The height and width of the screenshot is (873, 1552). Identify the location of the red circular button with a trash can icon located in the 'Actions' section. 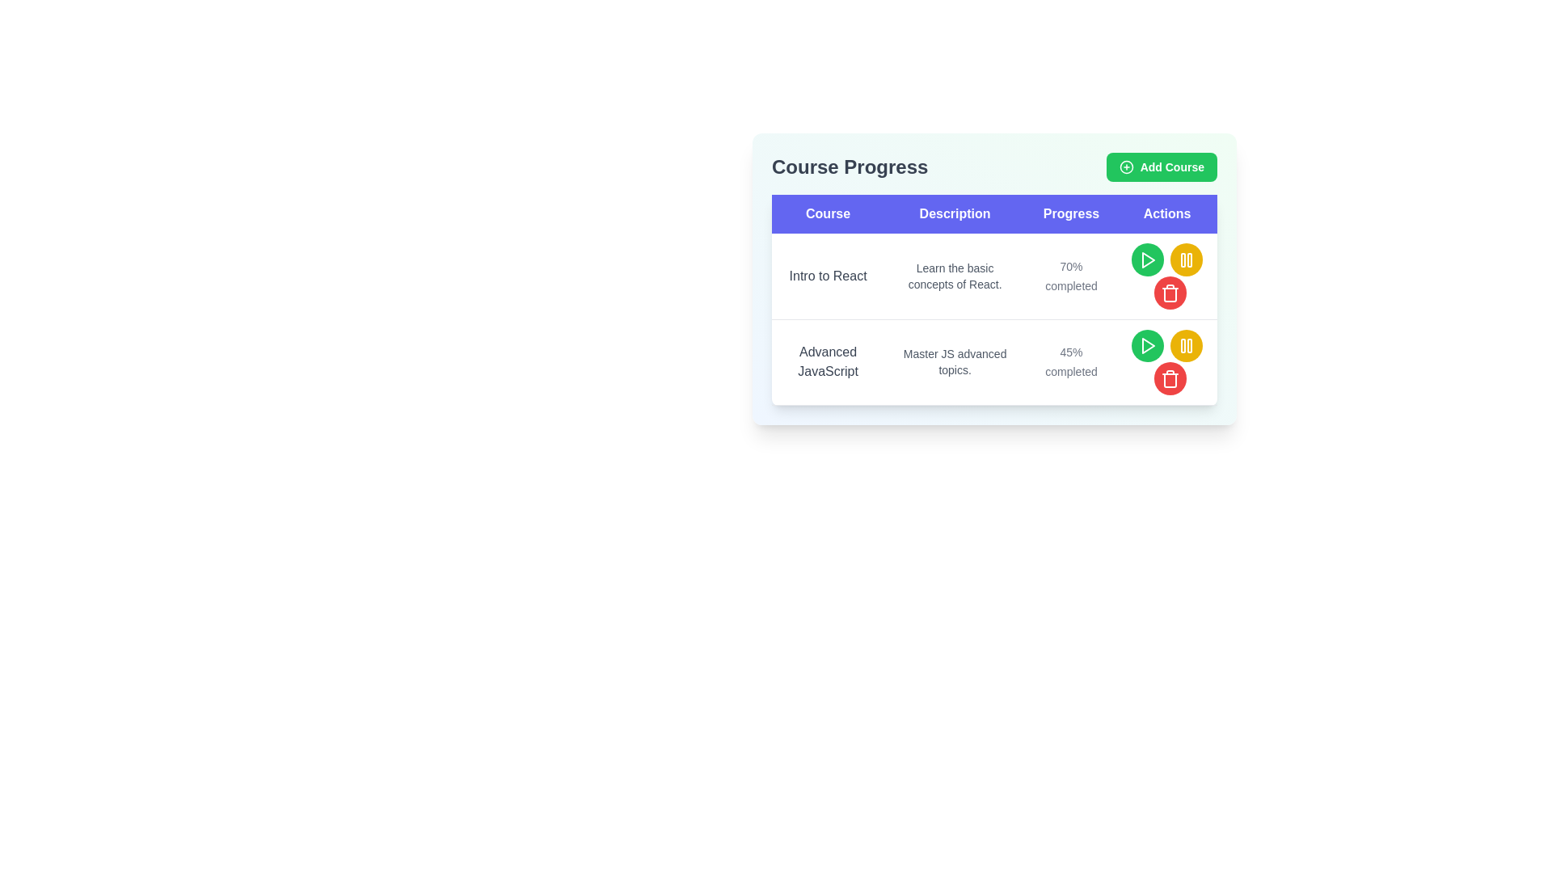
(1170, 293).